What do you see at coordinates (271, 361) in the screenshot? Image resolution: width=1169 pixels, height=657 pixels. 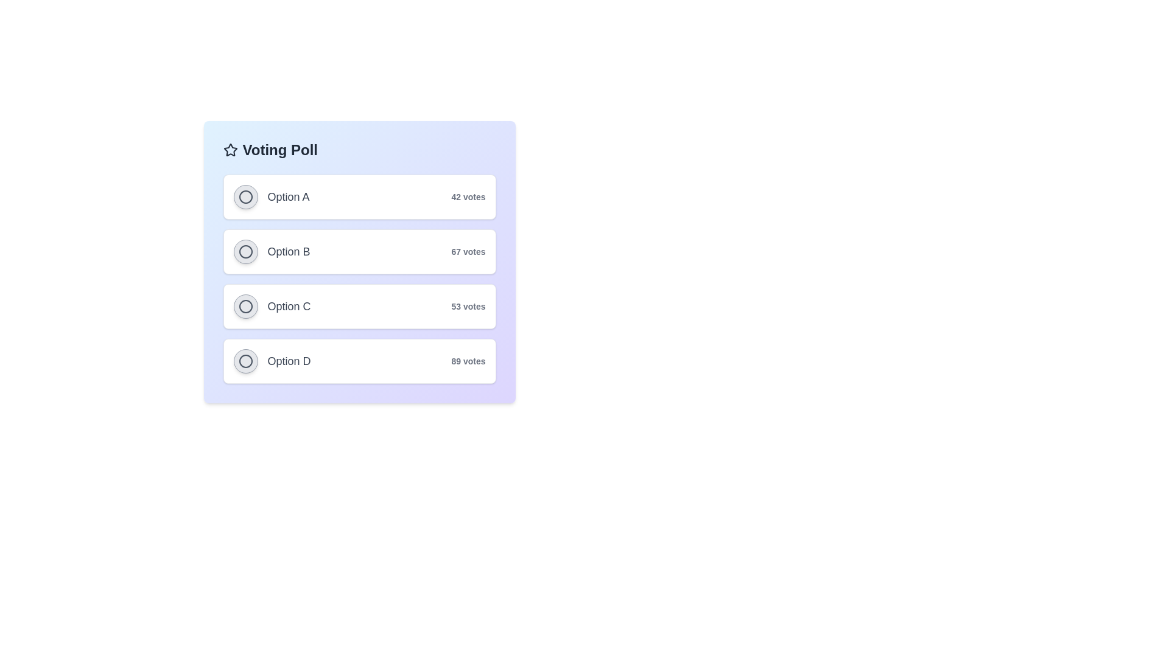 I see `the radio button labeled 'Option D'` at bounding box center [271, 361].